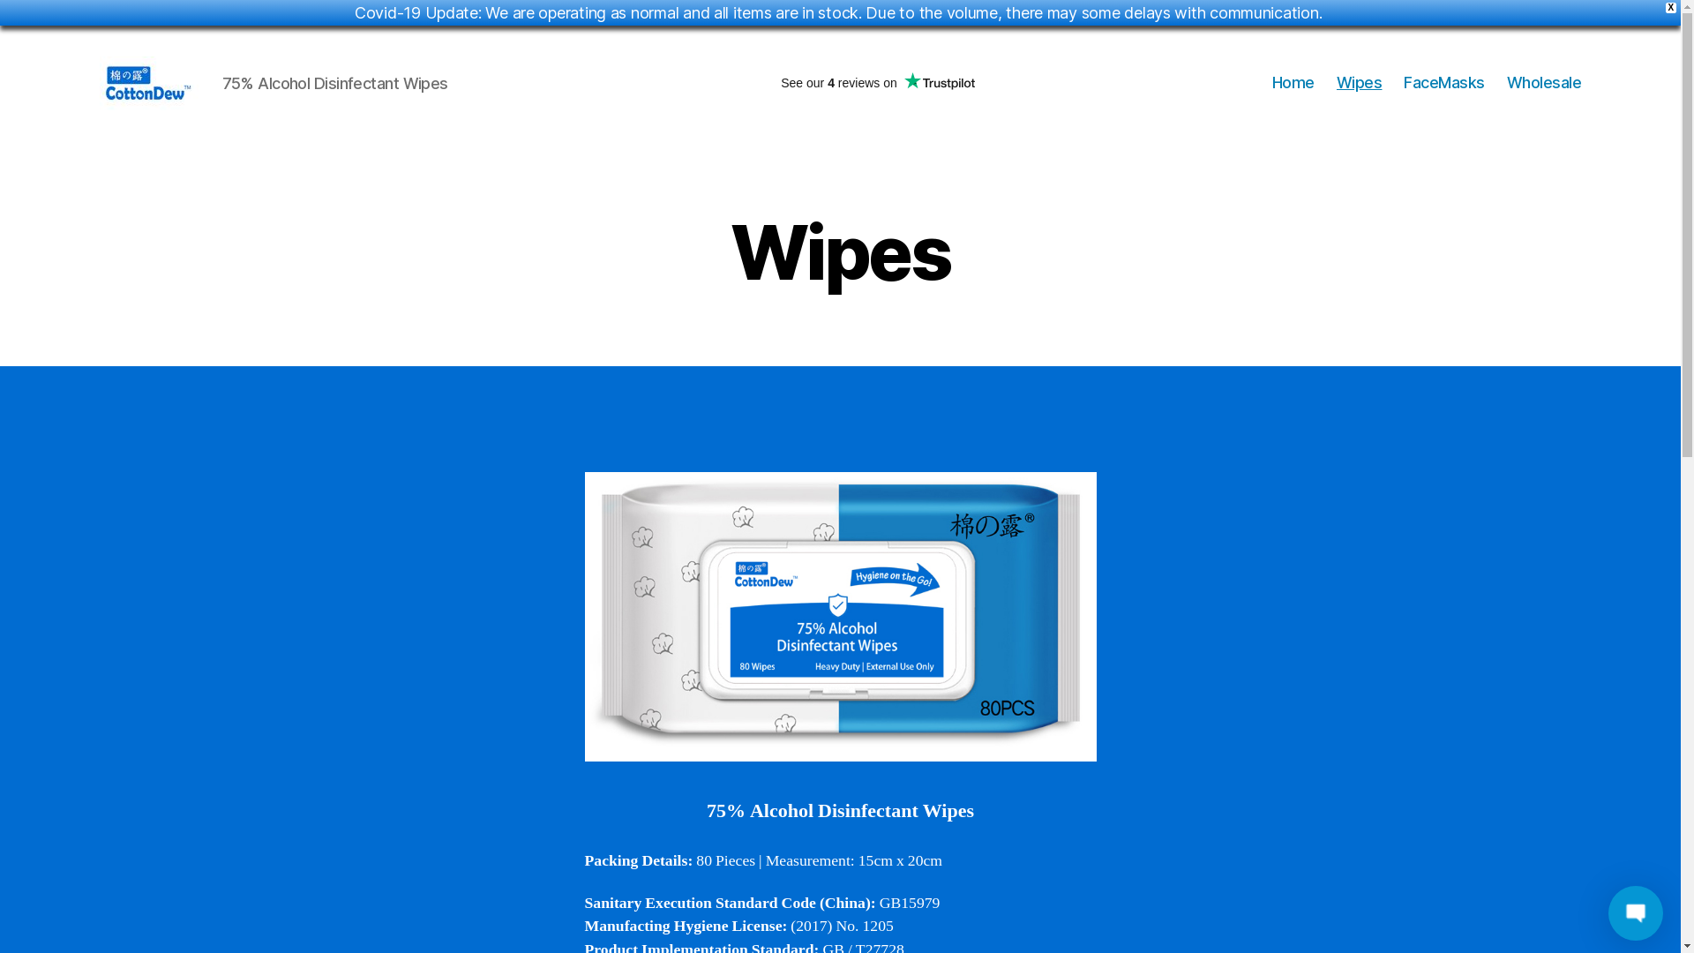 The width and height of the screenshot is (1694, 953). I want to click on 'Wipes', so click(1337, 82).